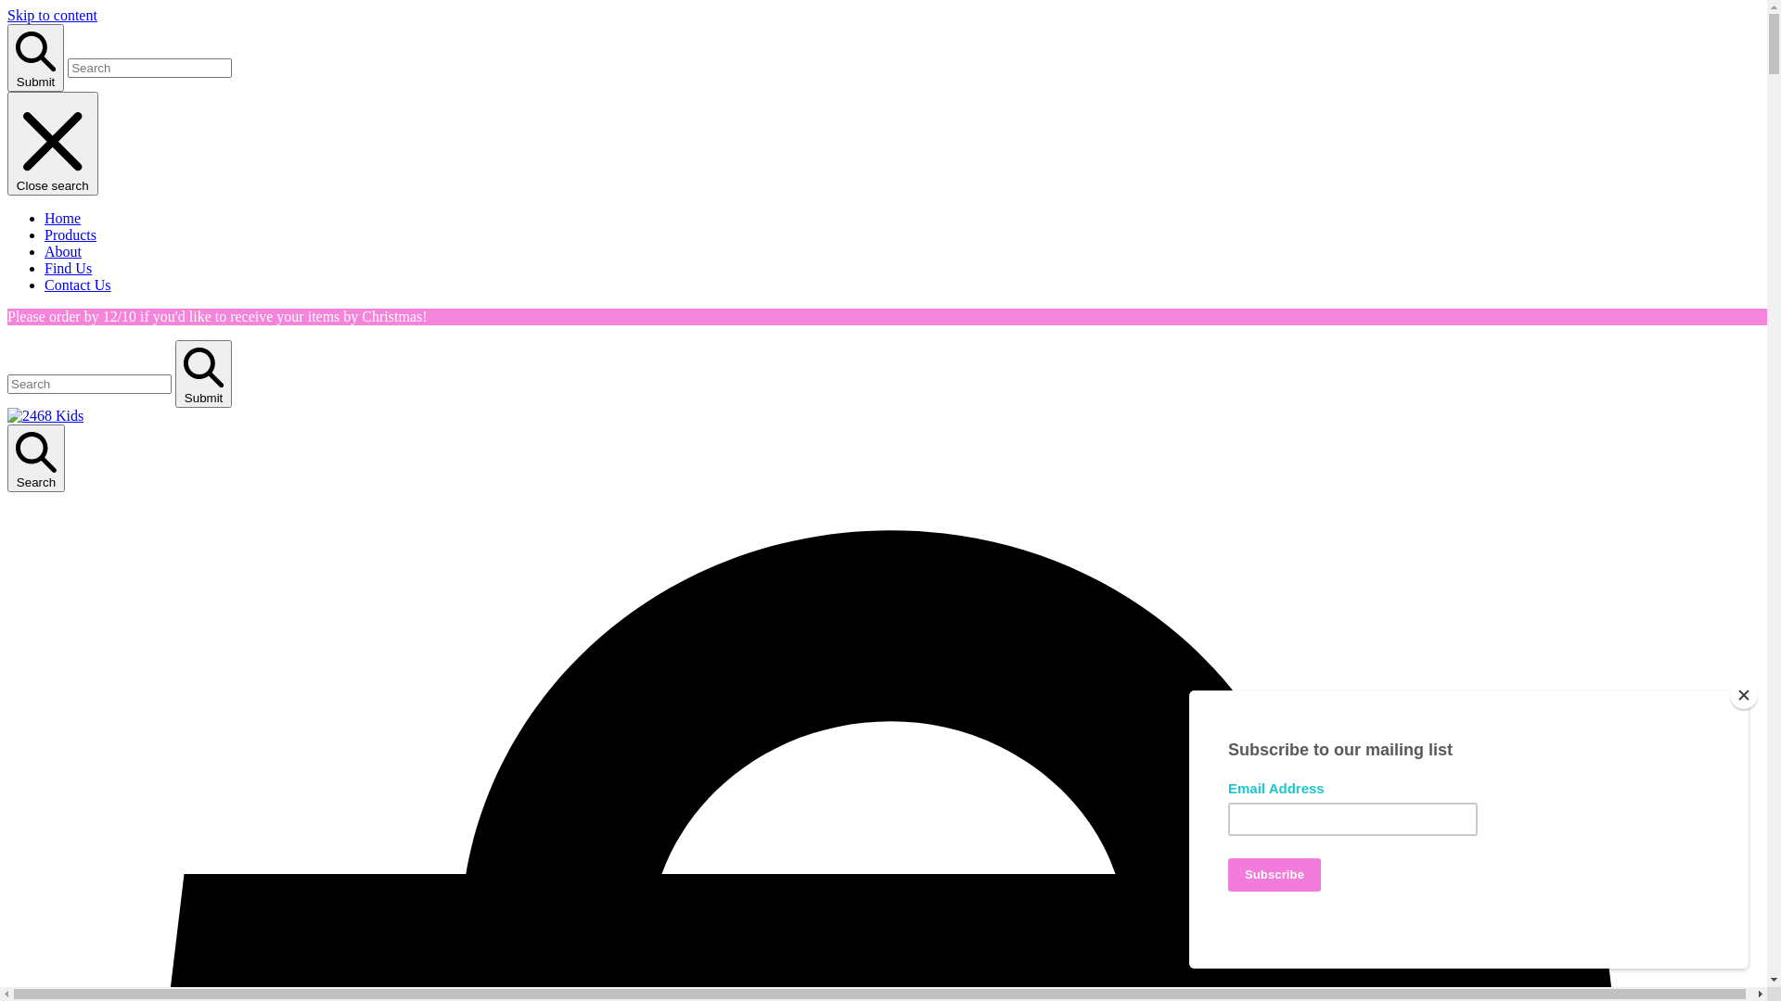  I want to click on 'Search', so click(35, 458).